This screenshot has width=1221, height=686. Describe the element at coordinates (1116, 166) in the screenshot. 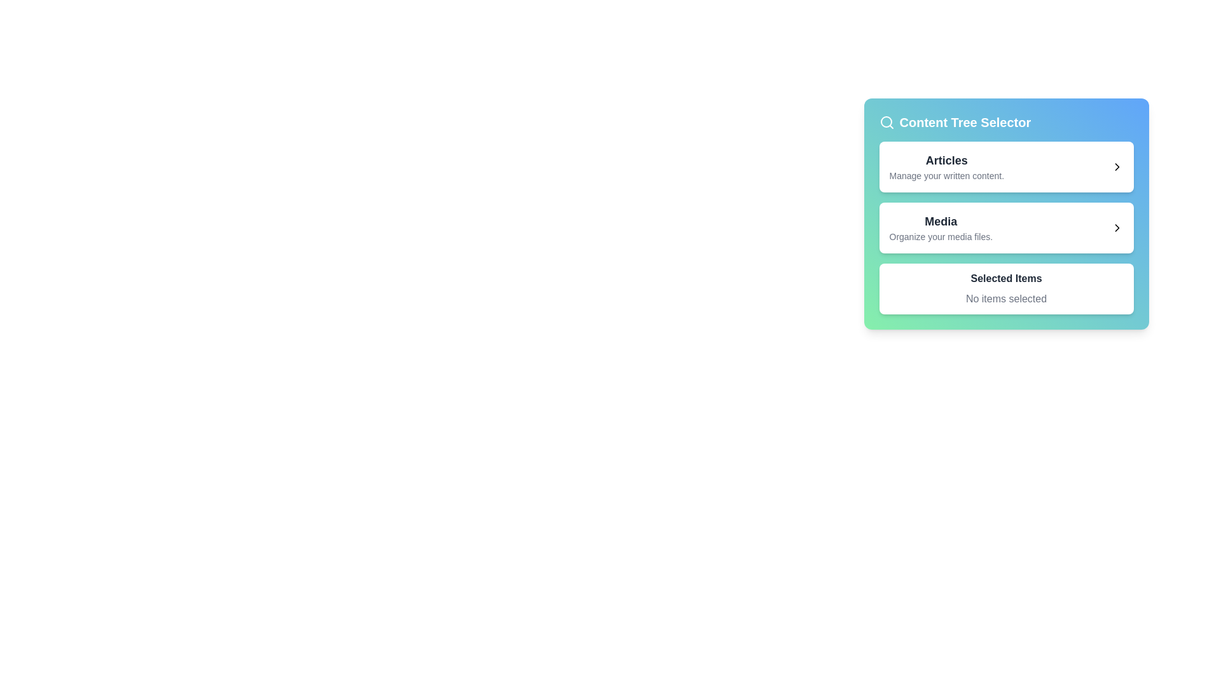

I see `the chevron icon adjacent to the 'Articles' label in the second section of the 'Content Tree Selector' interface` at that location.